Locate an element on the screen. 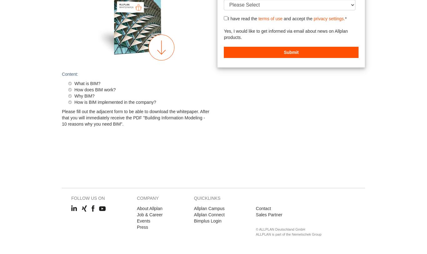 Image resolution: width=427 pixels, height=254 pixels. 'Bimplus Login' is located at coordinates (207, 221).